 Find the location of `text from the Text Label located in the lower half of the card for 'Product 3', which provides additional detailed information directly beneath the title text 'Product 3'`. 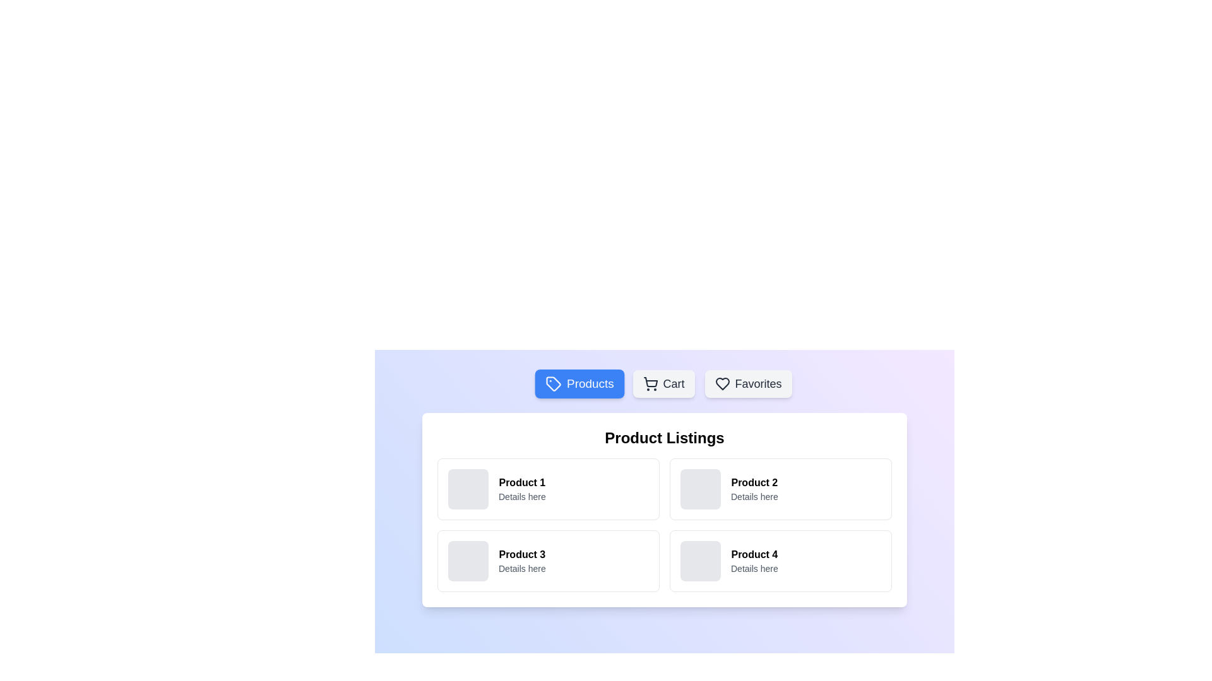

text from the Text Label located in the lower half of the card for 'Product 3', which provides additional detailed information directly beneath the title text 'Product 3' is located at coordinates (522, 569).